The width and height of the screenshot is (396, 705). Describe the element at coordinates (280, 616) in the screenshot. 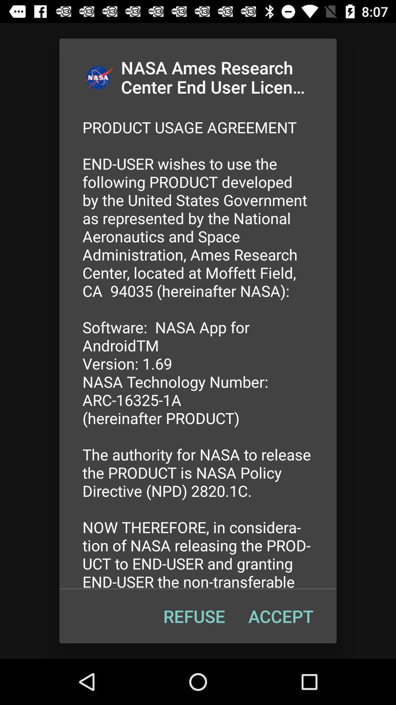

I see `the accept item` at that location.